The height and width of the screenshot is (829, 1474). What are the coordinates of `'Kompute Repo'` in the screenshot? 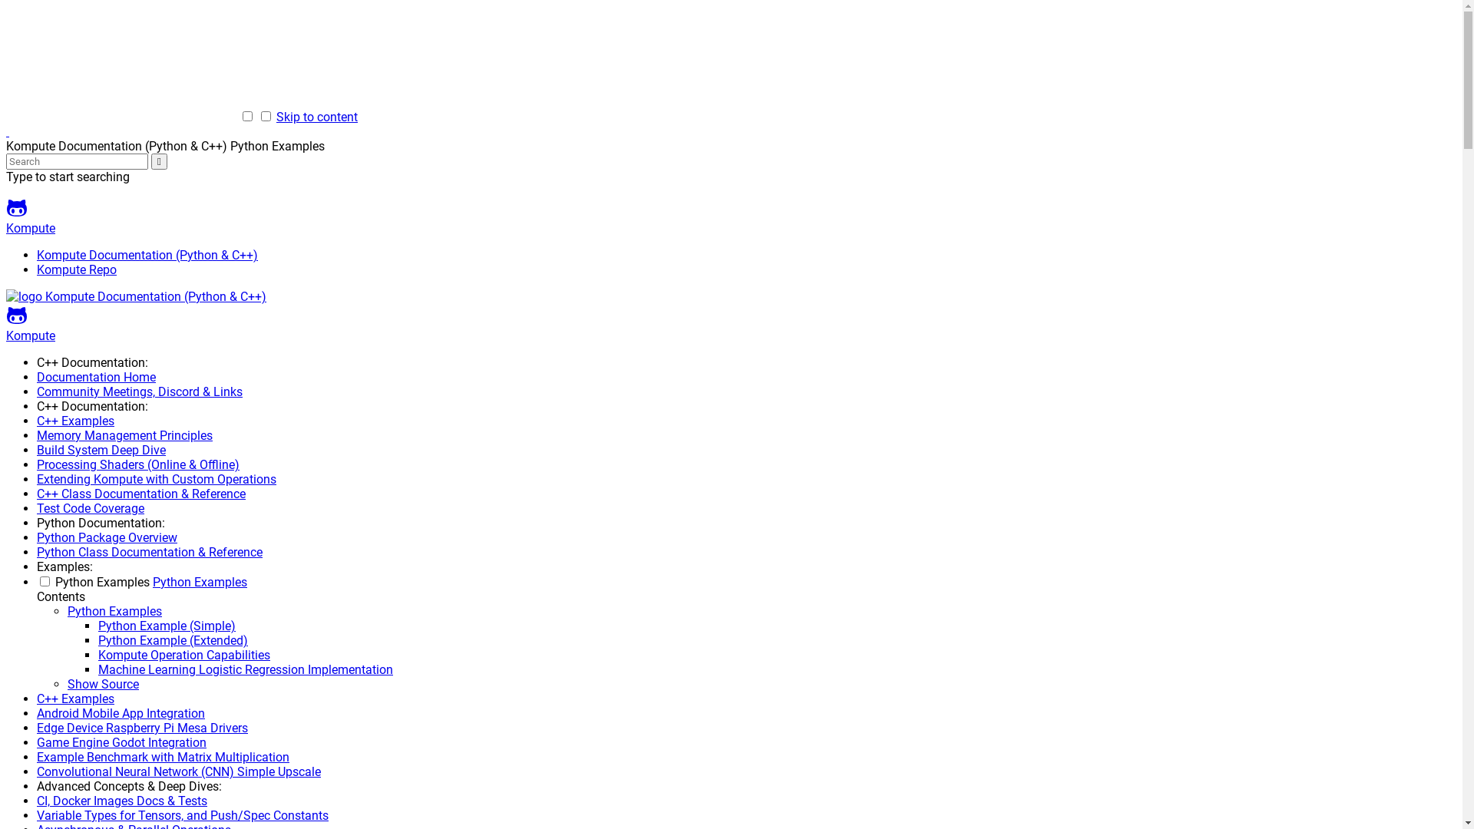 It's located at (76, 269).